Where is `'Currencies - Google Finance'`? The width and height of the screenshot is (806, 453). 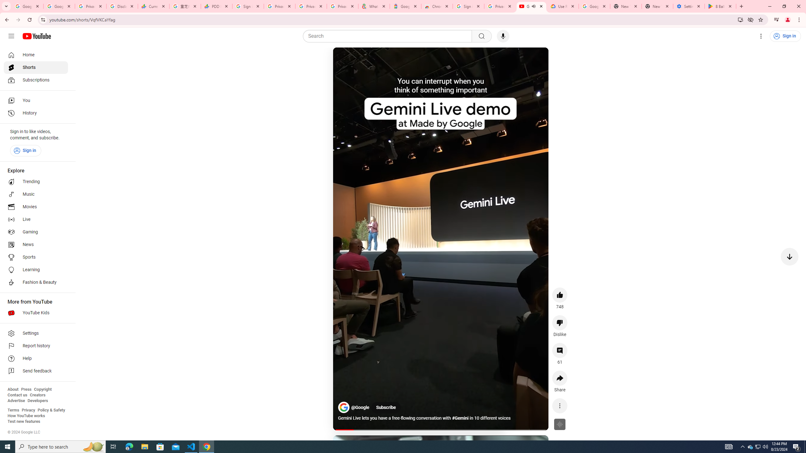 'Currencies - Google Finance' is located at coordinates (154, 6).